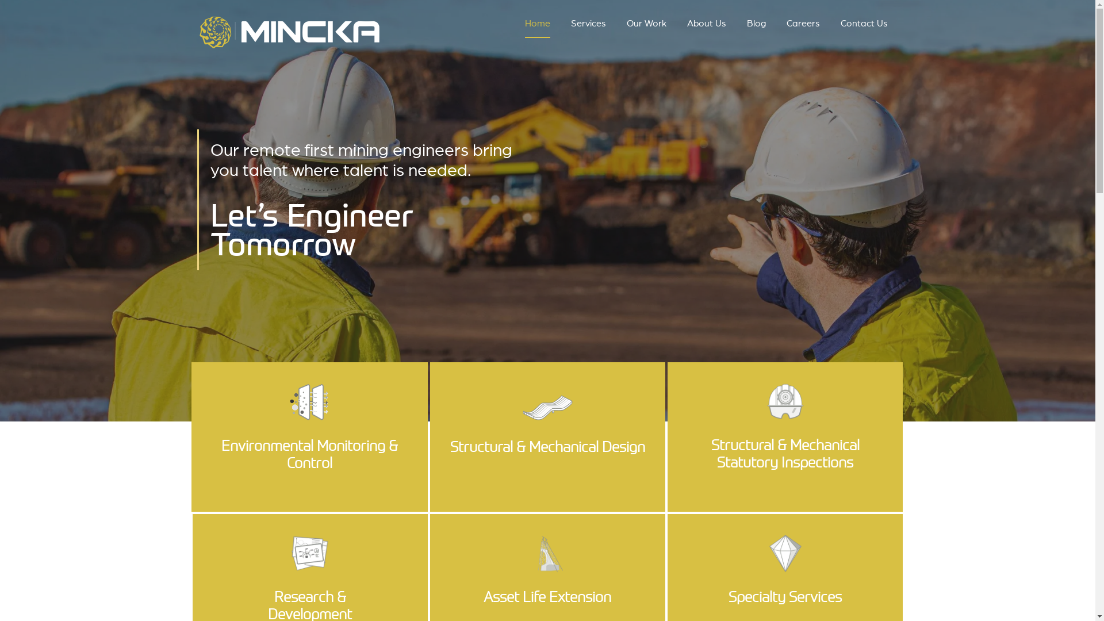 The image size is (1104, 621). Describe the element at coordinates (802, 26) in the screenshot. I see `'Careers'` at that location.